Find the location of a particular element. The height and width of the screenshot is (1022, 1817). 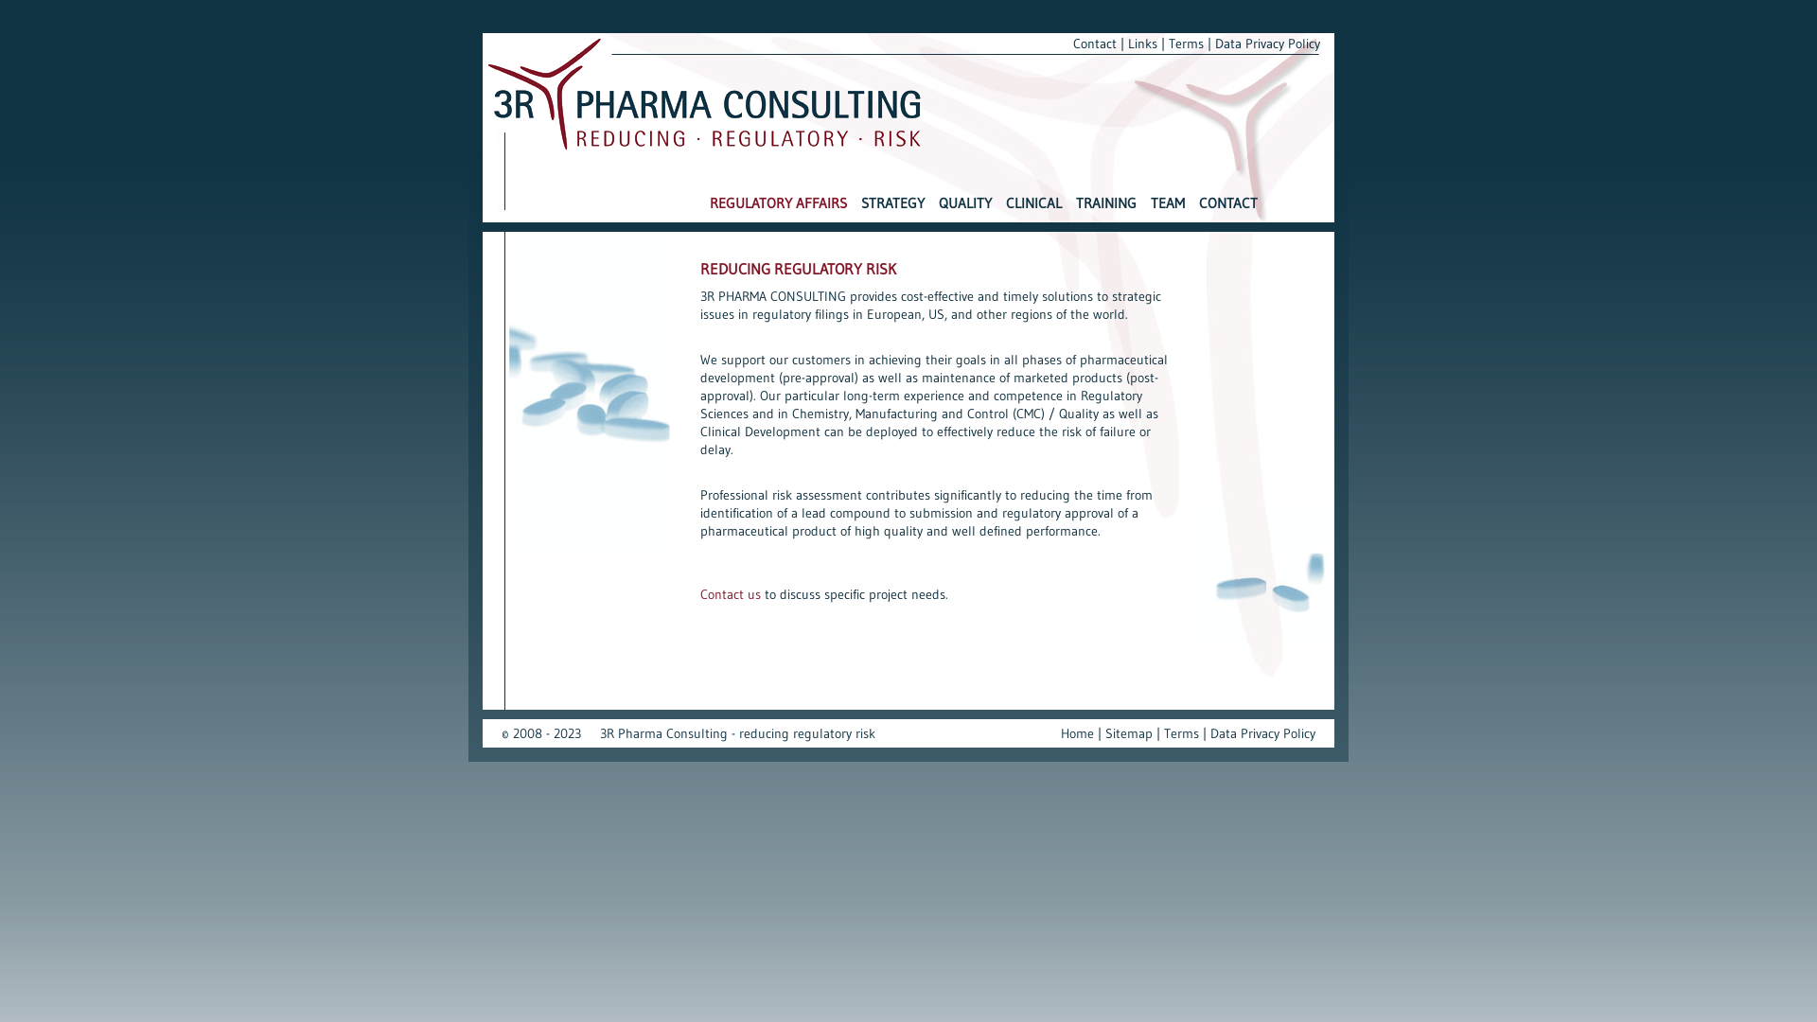

'QUALITY' is located at coordinates (964, 210).